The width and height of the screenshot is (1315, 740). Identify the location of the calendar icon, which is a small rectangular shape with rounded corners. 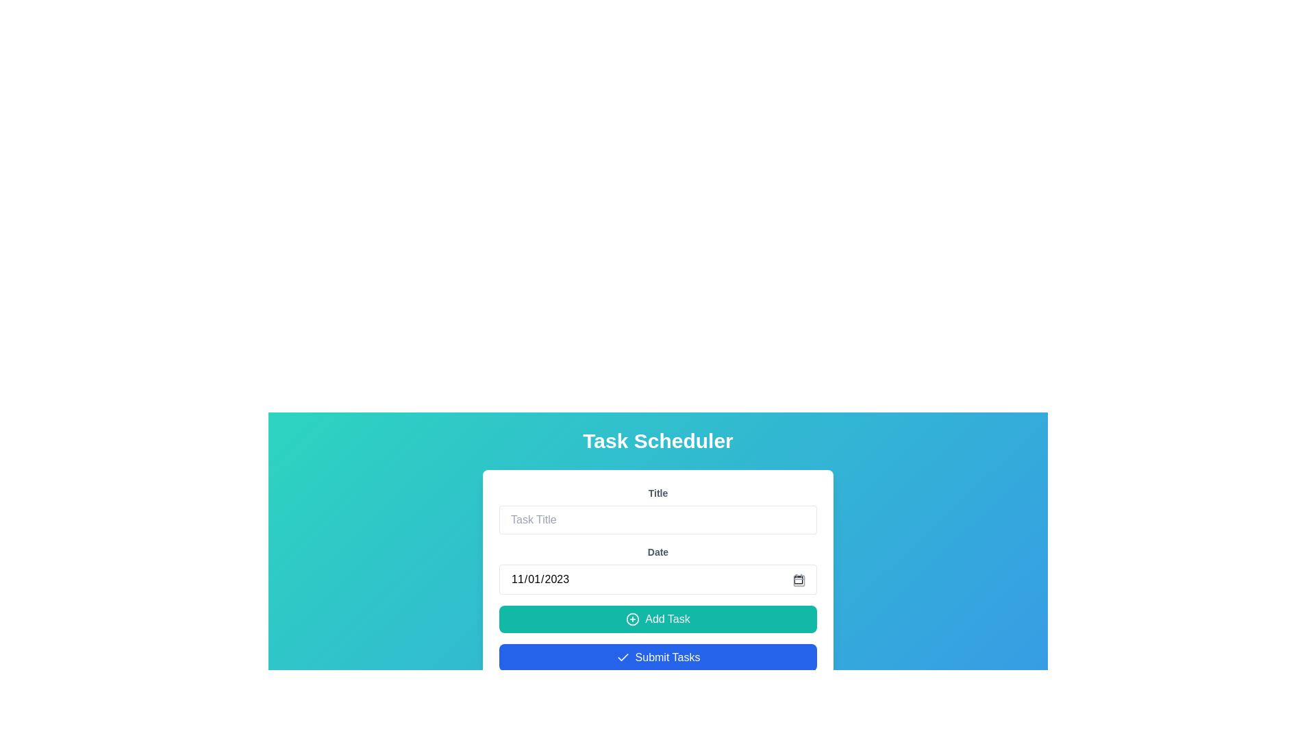
(799, 580).